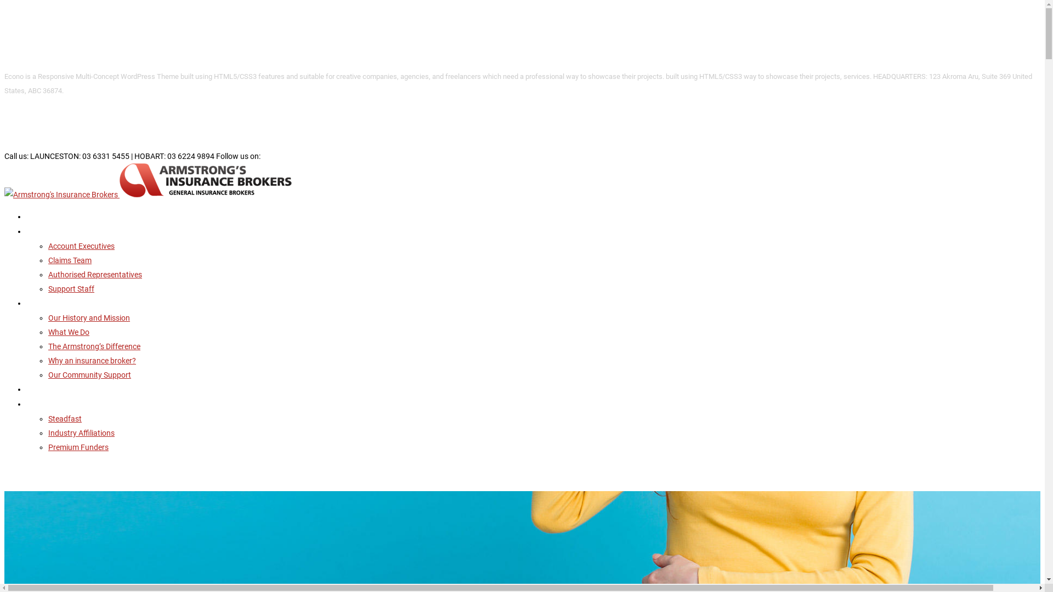  I want to click on 'Why an insurance broker?', so click(47, 361).